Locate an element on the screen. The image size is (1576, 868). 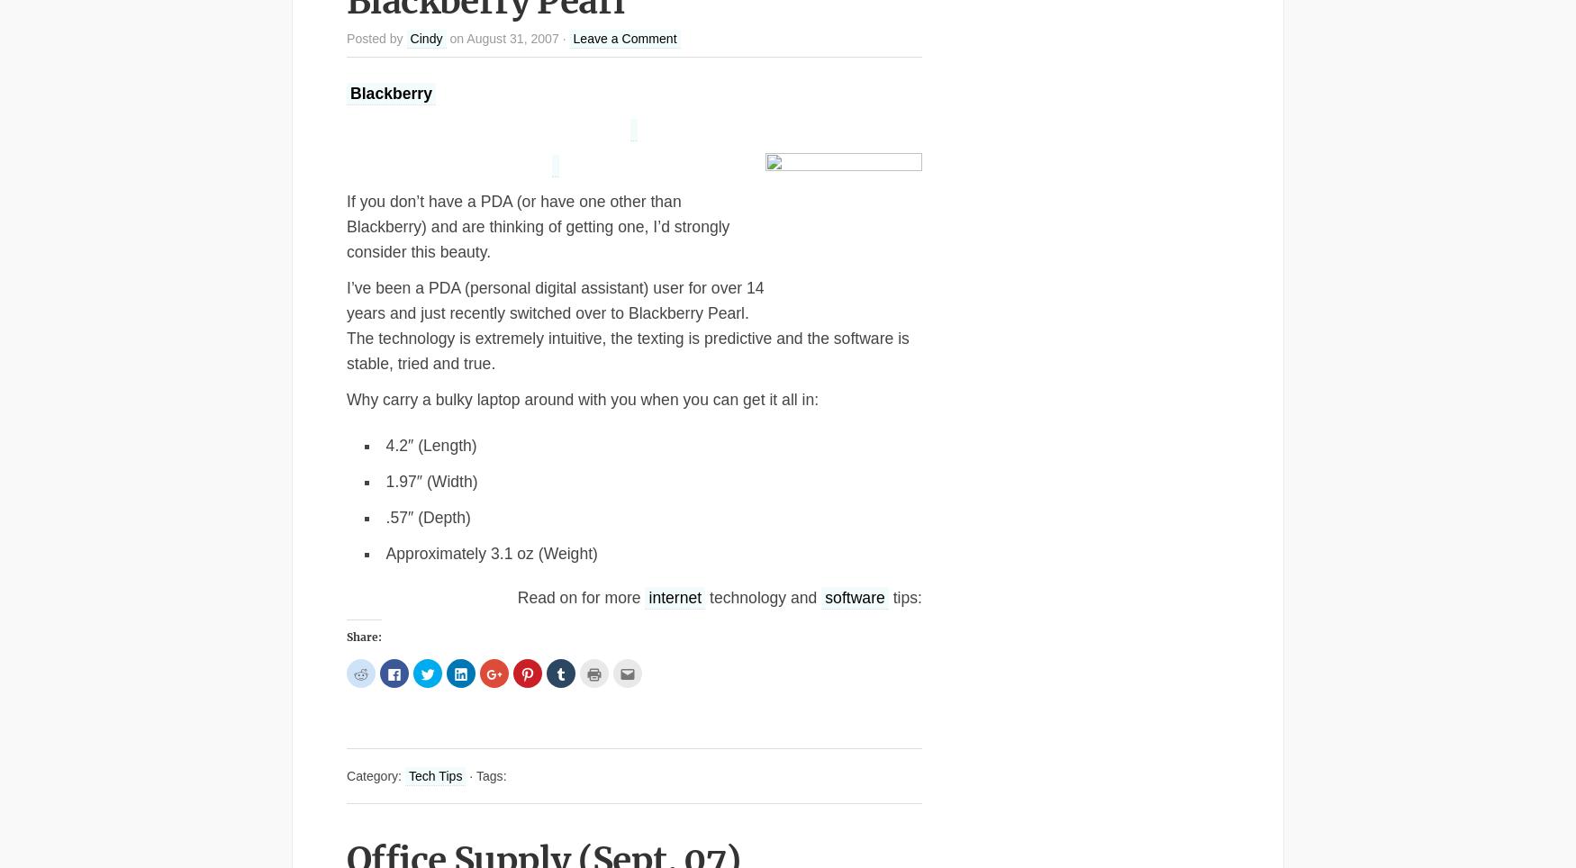
'(Depth)' is located at coordinates (443, 515).